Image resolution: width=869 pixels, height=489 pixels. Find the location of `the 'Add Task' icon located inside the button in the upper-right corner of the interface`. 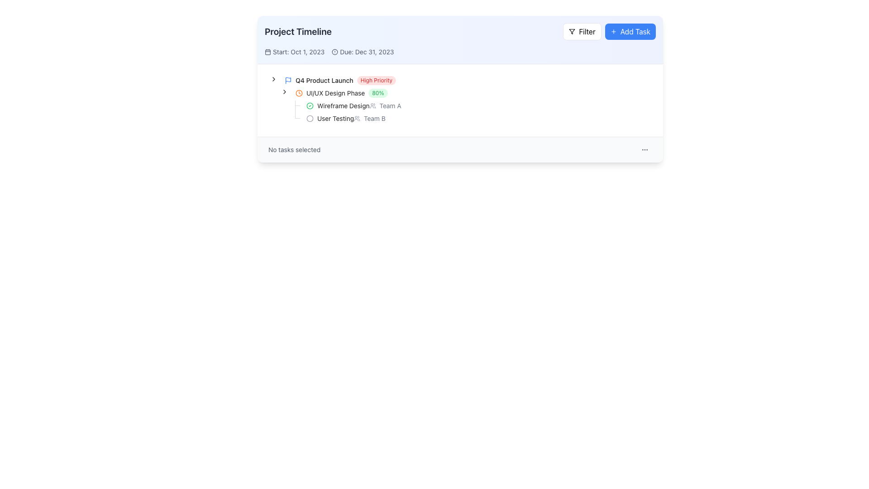

the 'Add Task' icon located inside the button in the upper-right corner of the interface is located at coordinates (613, 31).